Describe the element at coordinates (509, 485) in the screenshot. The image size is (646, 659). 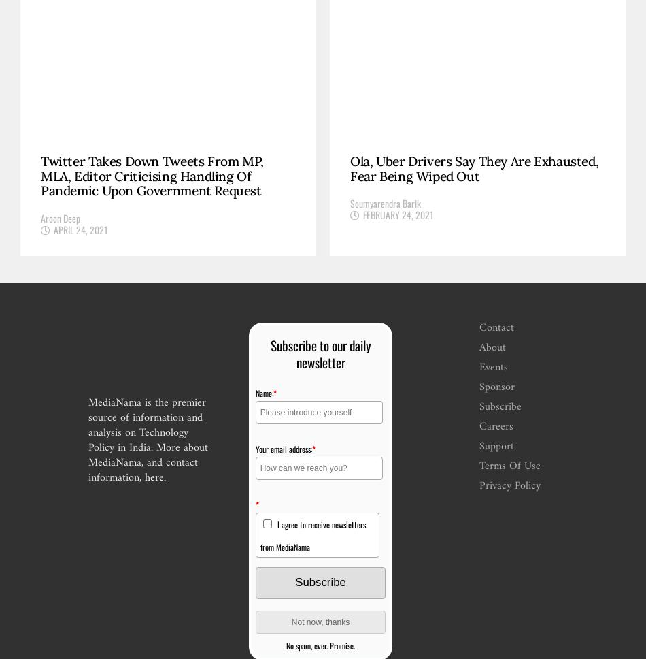
I see `'Privacy Policy'` at that location.